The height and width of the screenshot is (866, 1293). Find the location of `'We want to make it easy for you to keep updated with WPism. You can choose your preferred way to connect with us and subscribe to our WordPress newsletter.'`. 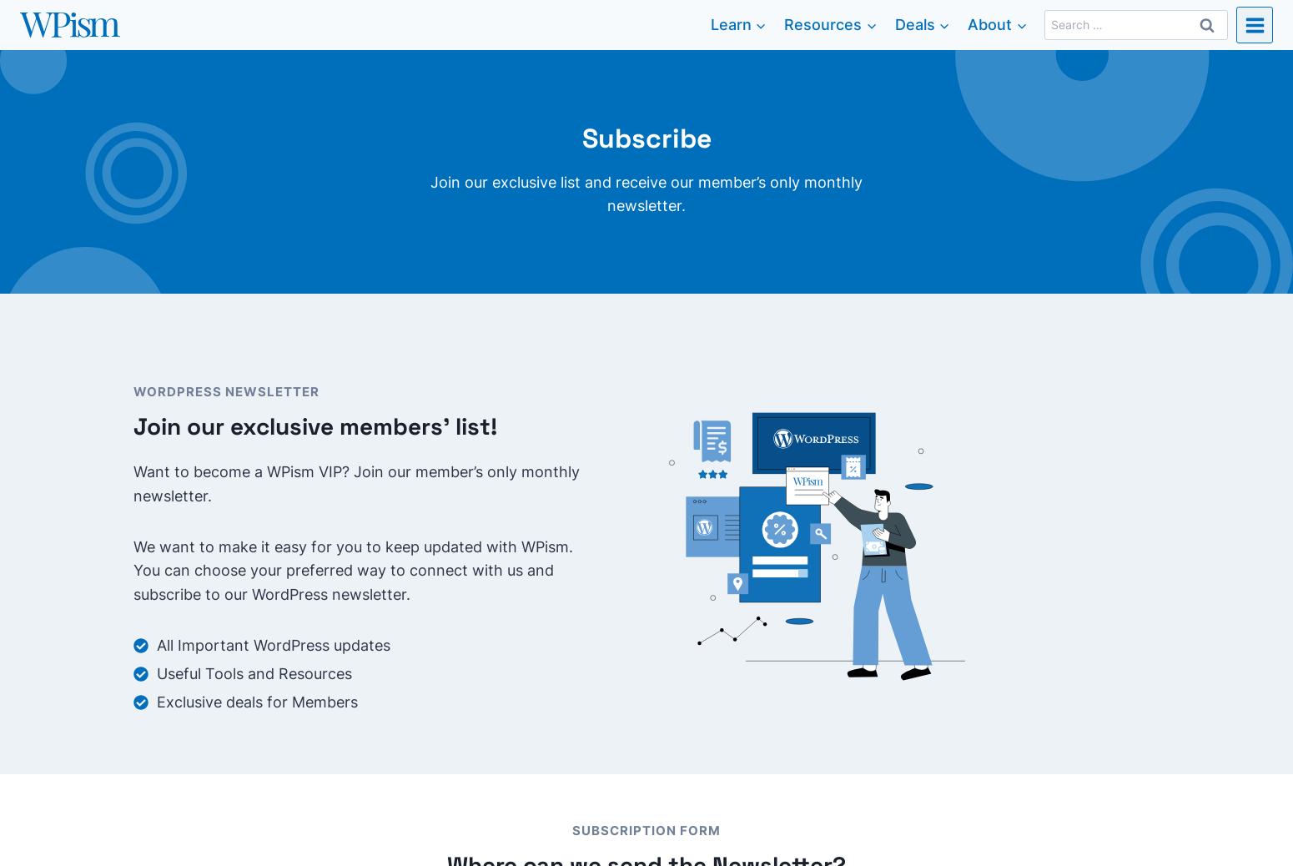

'We want to make it easy for you to keep updated with WPism. You can choose your preferred way to connect with us and subscribe to our WordPress newsletter.' is located at coordinates (353, 569).